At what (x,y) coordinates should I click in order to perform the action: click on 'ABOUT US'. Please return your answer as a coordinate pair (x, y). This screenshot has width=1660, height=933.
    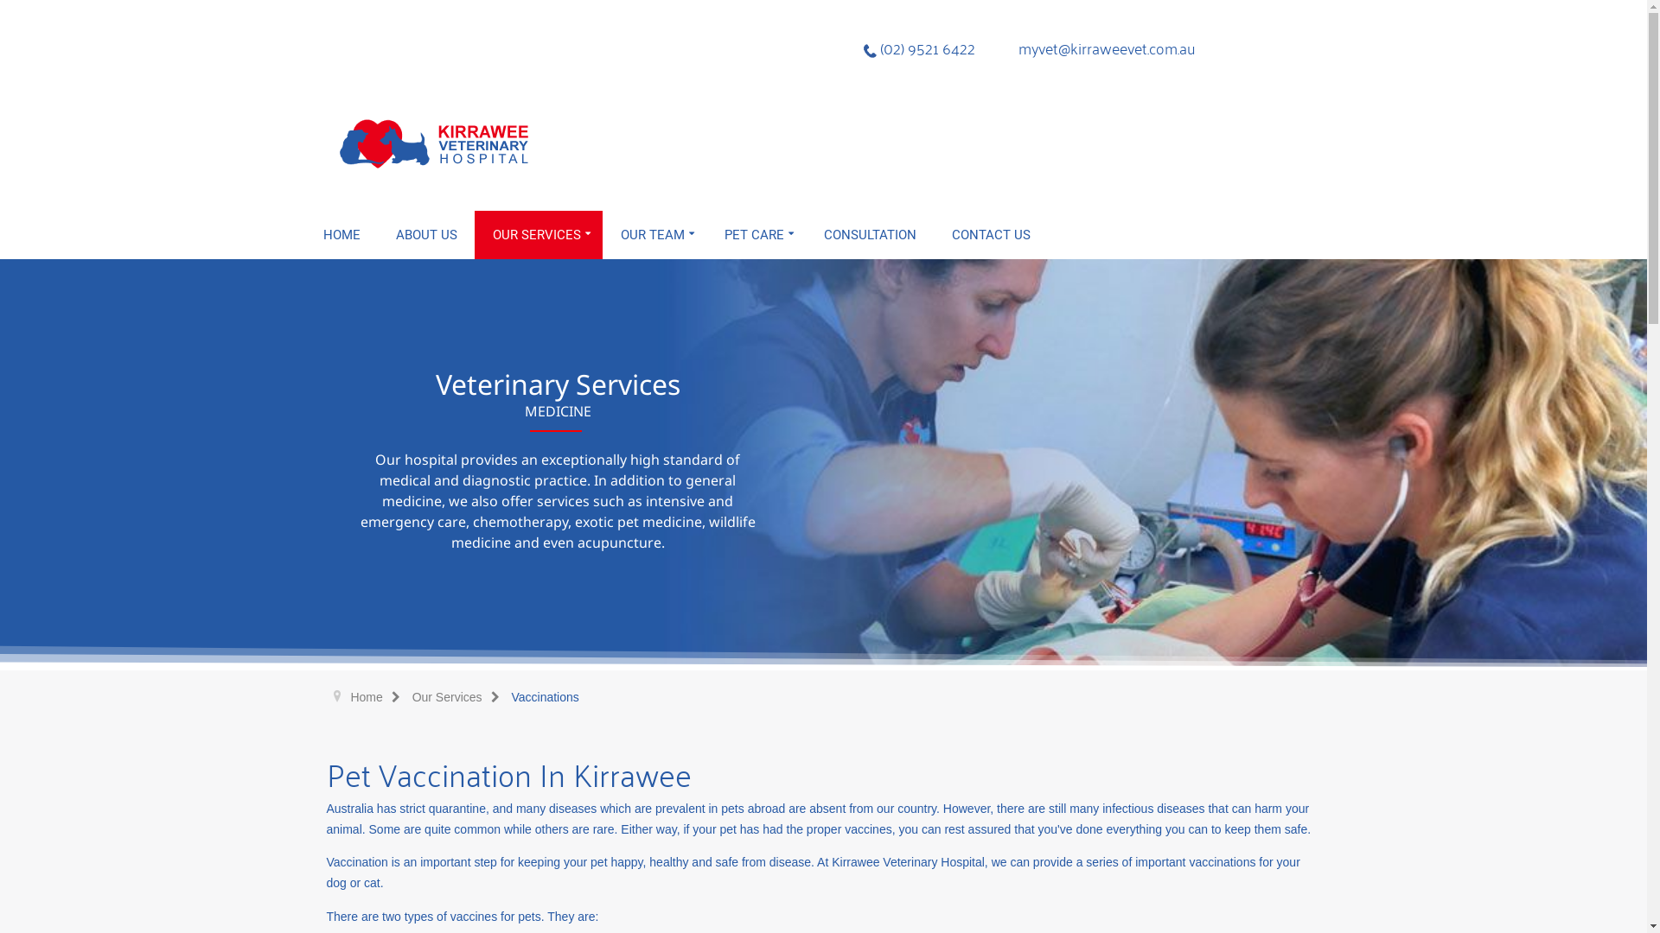
    Looking at the image, I should click on (426, 235).